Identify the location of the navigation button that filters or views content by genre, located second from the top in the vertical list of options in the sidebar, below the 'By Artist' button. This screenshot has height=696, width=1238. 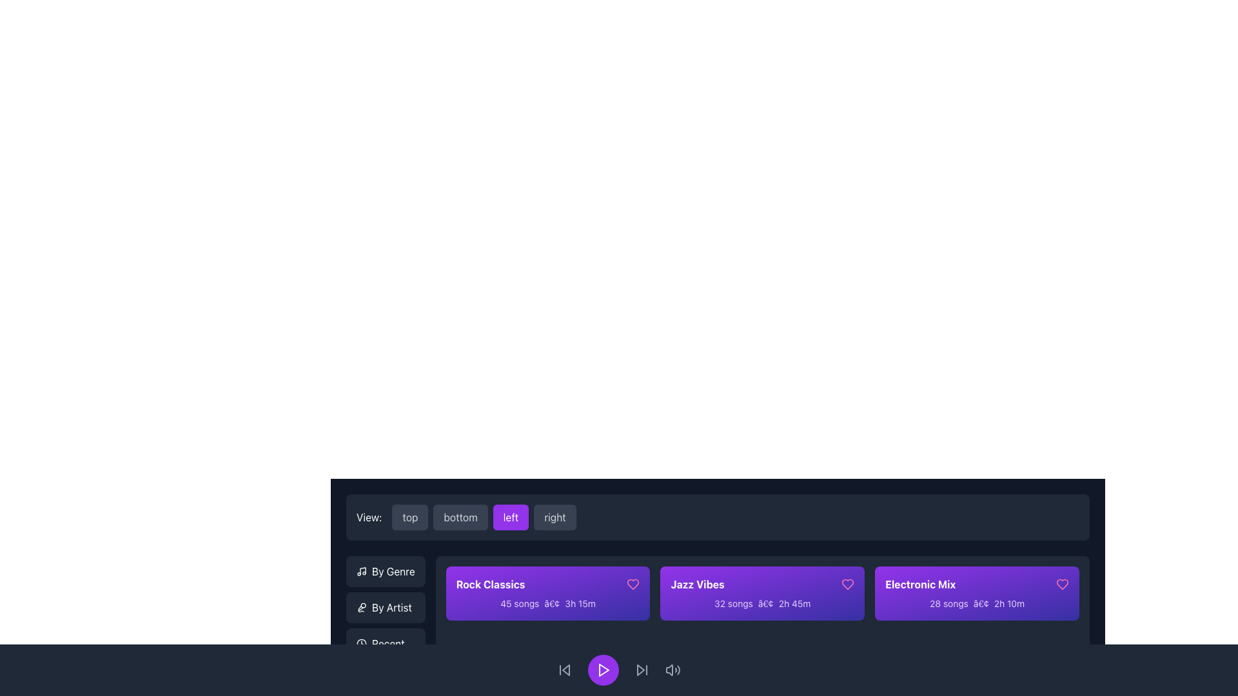
(385, 571).